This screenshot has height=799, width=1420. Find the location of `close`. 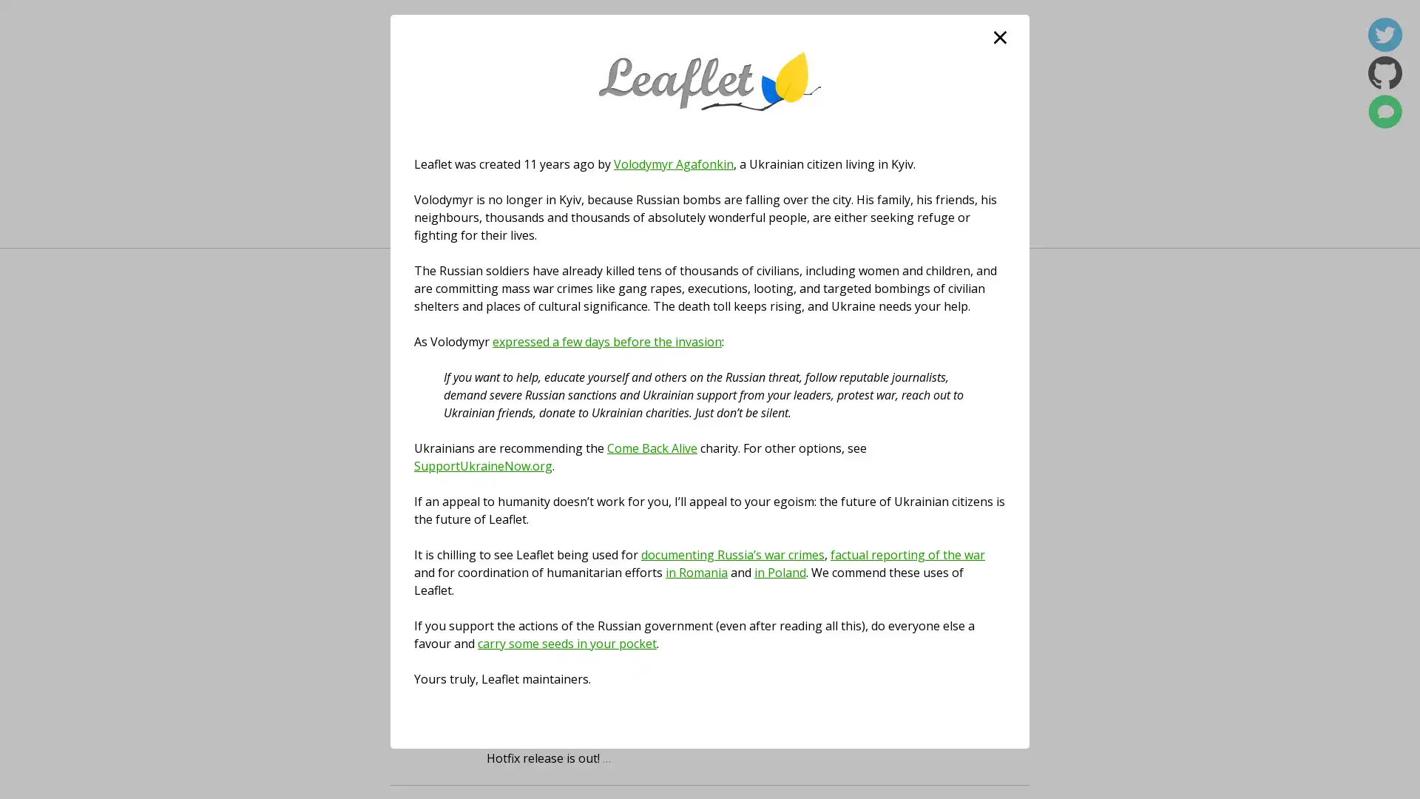

close is located at coordinates (1000, 36).